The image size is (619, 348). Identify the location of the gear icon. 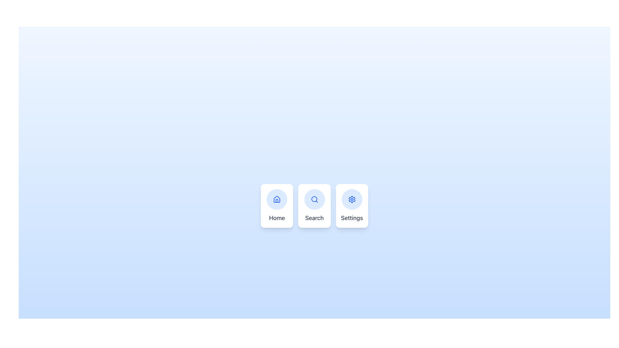
(351, 199).